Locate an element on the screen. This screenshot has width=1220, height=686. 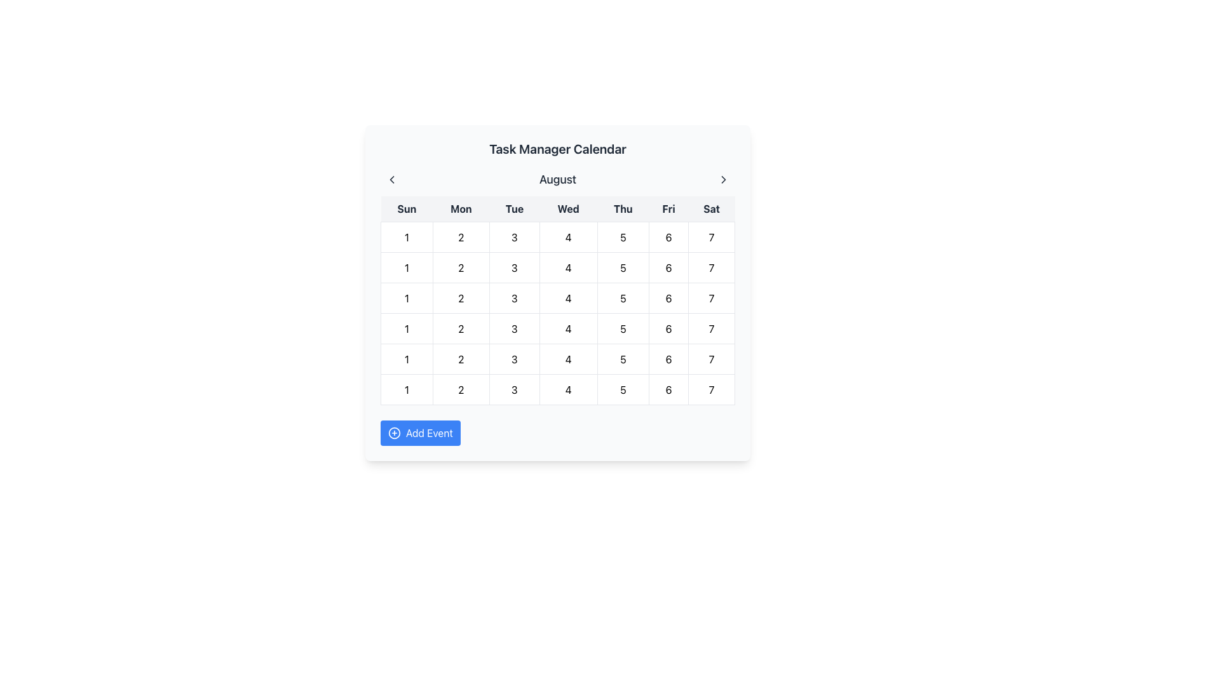
the calendar cell representing the first day of the second week is located at coordinates (407, 359).